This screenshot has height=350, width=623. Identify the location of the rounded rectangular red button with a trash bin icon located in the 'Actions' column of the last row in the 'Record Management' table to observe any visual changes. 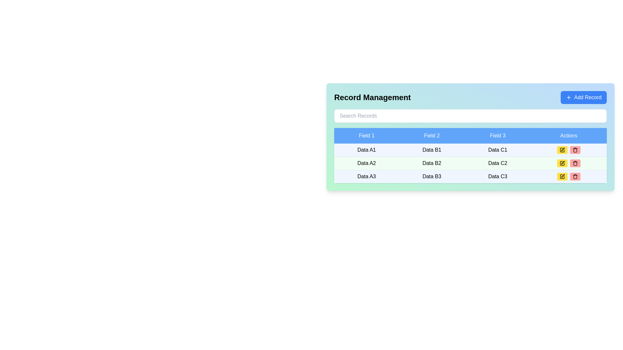
(575, 176).